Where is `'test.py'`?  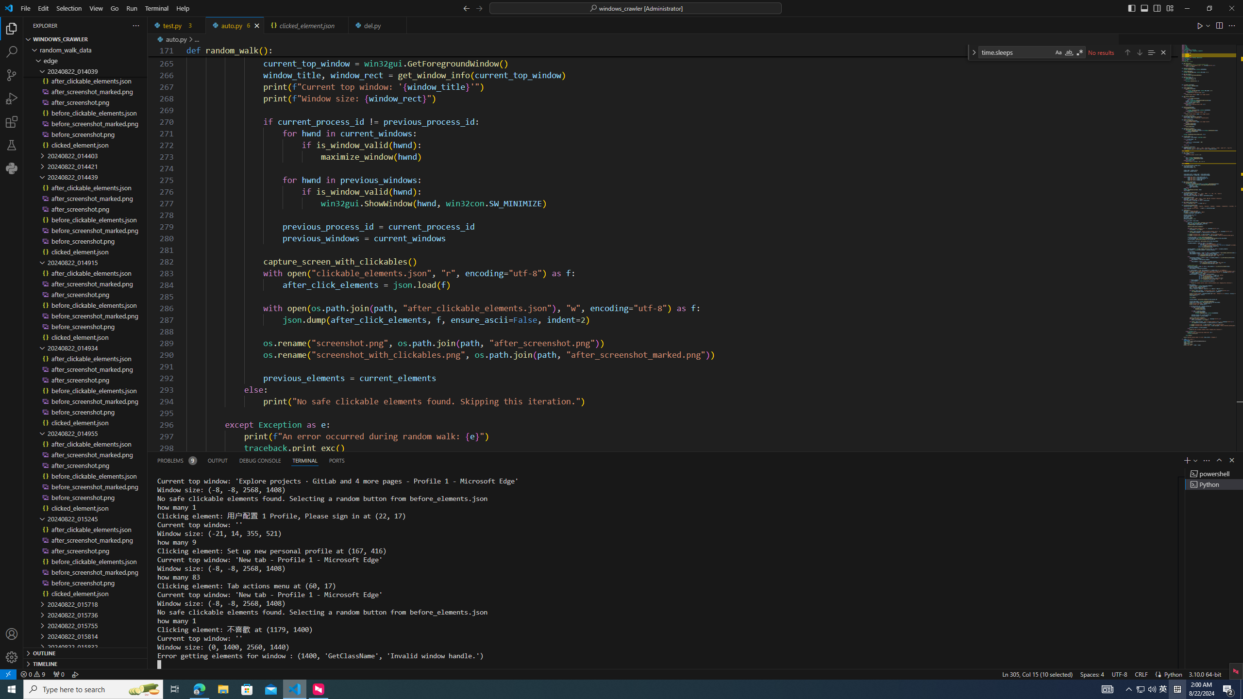
'test.py' is located at coordinates (176, 25).